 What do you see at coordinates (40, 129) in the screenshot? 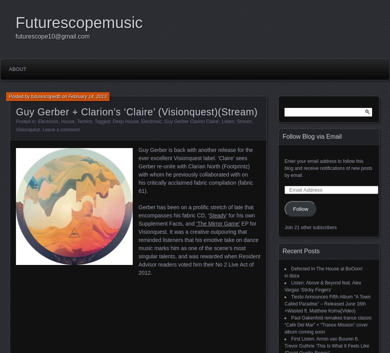
I see `'.'` at bounding box center [40, 129].